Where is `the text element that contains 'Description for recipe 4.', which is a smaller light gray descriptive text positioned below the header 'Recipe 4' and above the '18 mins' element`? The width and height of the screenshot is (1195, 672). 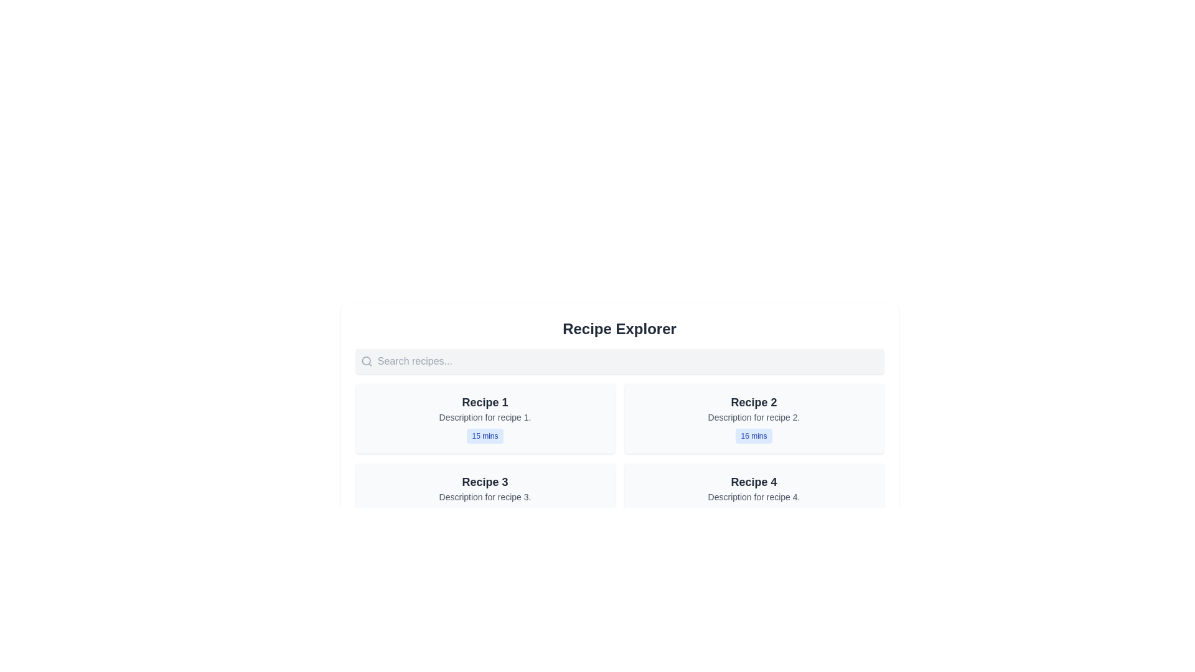
the text element that contains 'Description for recipe 4.', which is a smaller light gray descriptive text positioned below the header 'Recipe 4' and above the '18 mins' element is located at coordinates (753, 496).